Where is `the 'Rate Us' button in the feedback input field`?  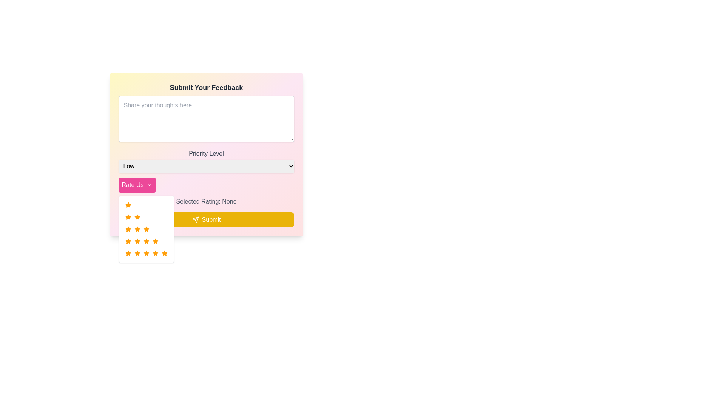 the 'Rate Us' button in the feedback input field is located at coordinates (206, 185).